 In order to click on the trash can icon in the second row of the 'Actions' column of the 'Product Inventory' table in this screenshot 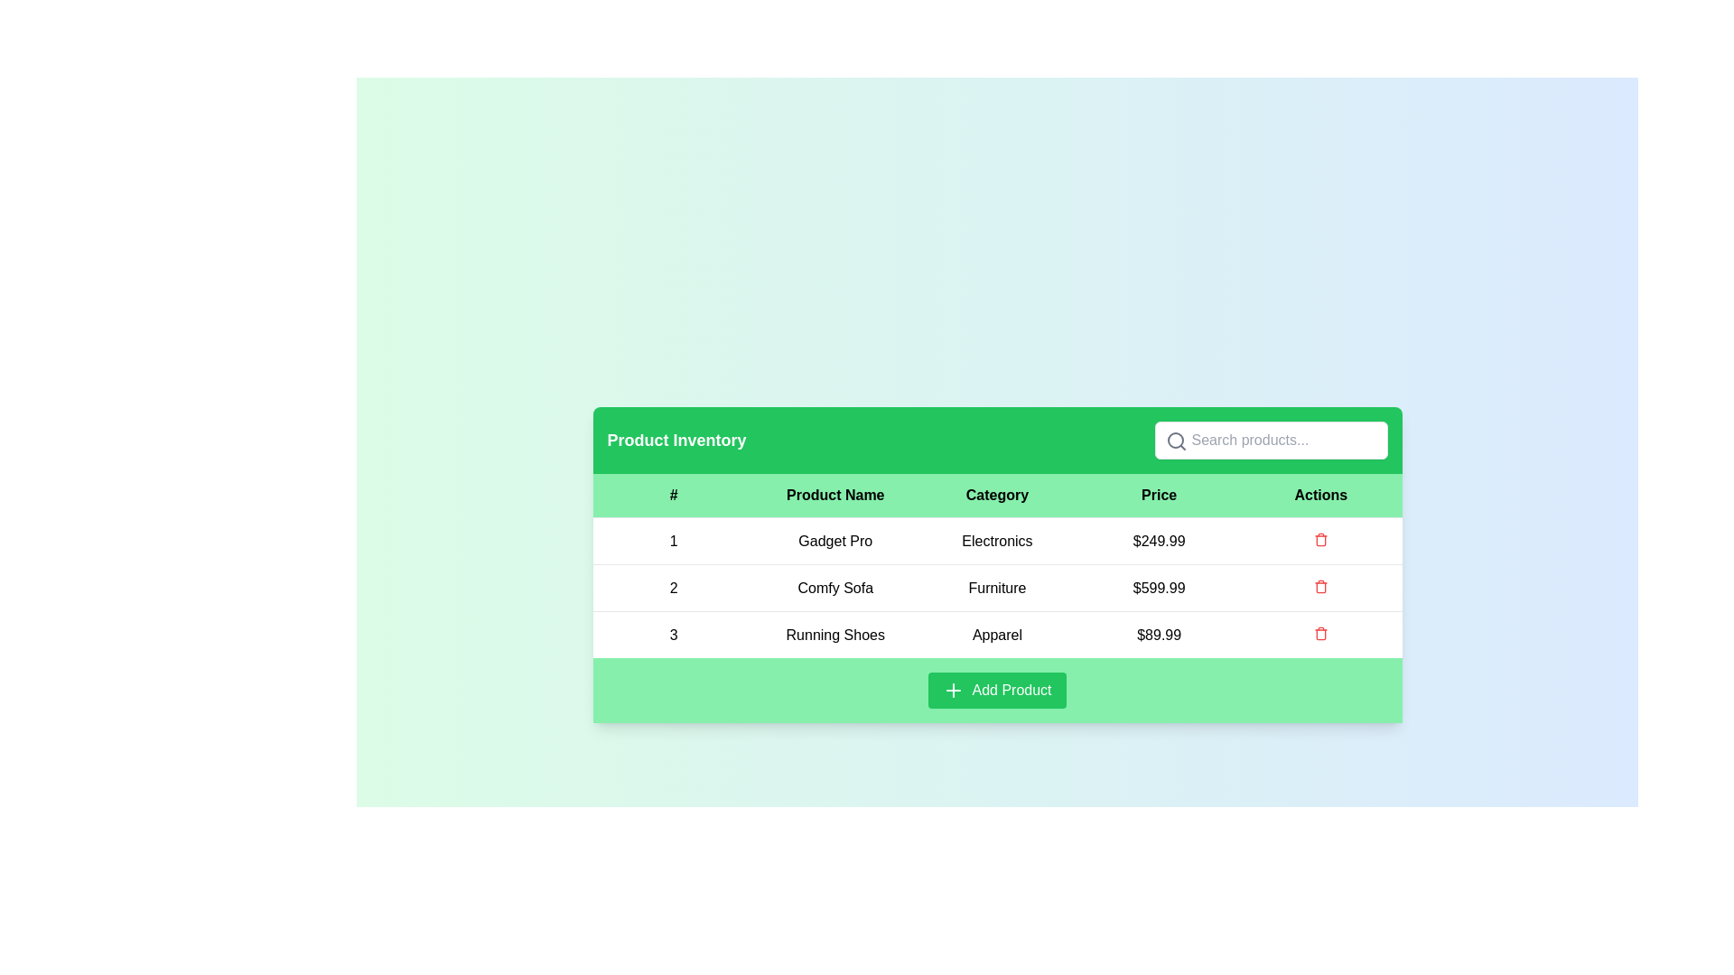, I will do `click(1320, 587)`.